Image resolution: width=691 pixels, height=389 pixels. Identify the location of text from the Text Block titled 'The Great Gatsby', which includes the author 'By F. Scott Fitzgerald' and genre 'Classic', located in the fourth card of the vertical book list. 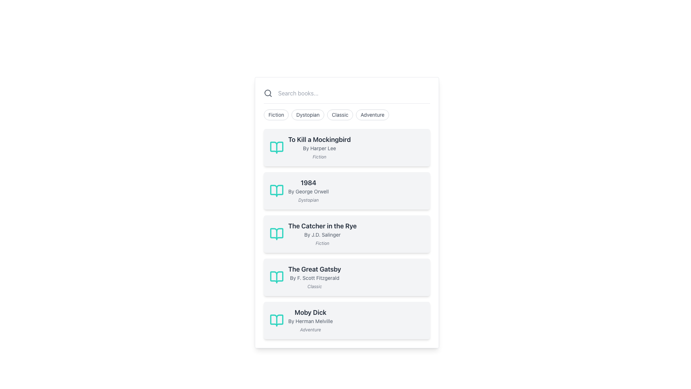
(315, 277).